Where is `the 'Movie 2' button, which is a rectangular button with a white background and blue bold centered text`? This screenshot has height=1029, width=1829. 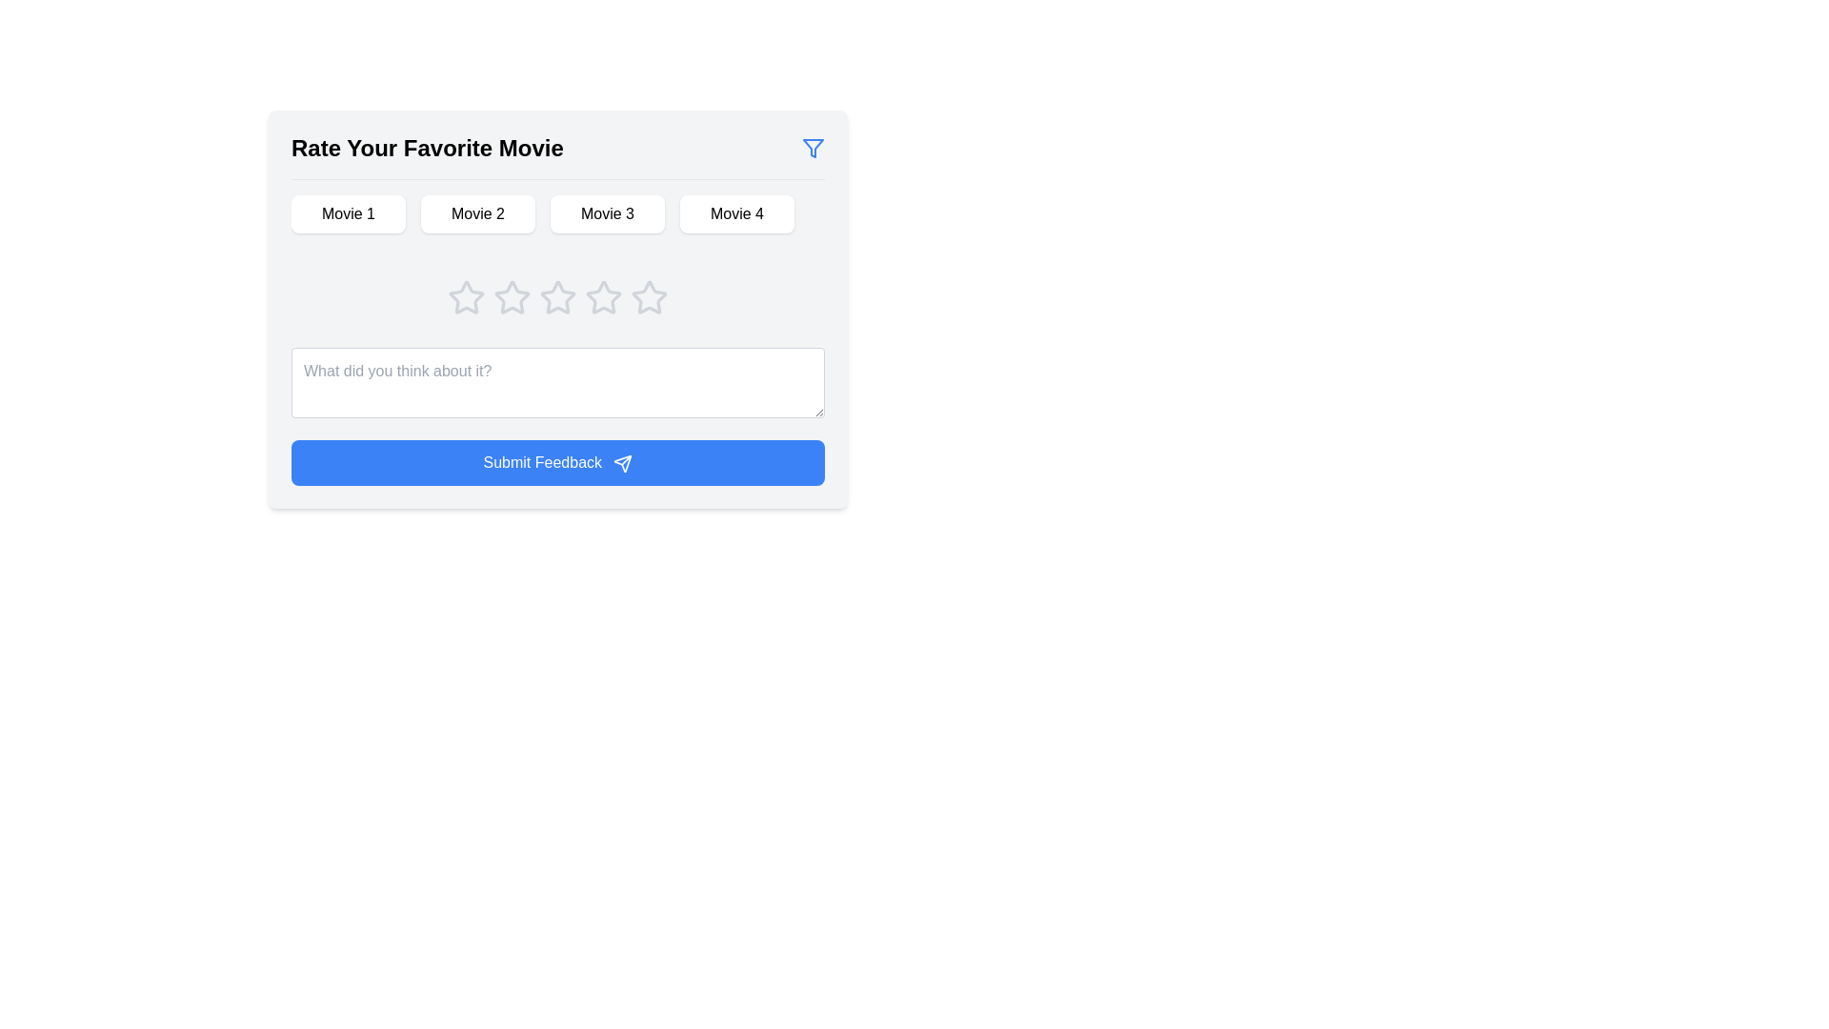 the 'Movie 2' button, which is a rectangular button with a white background and blue bold centered text is located at coordinates (478, 213).